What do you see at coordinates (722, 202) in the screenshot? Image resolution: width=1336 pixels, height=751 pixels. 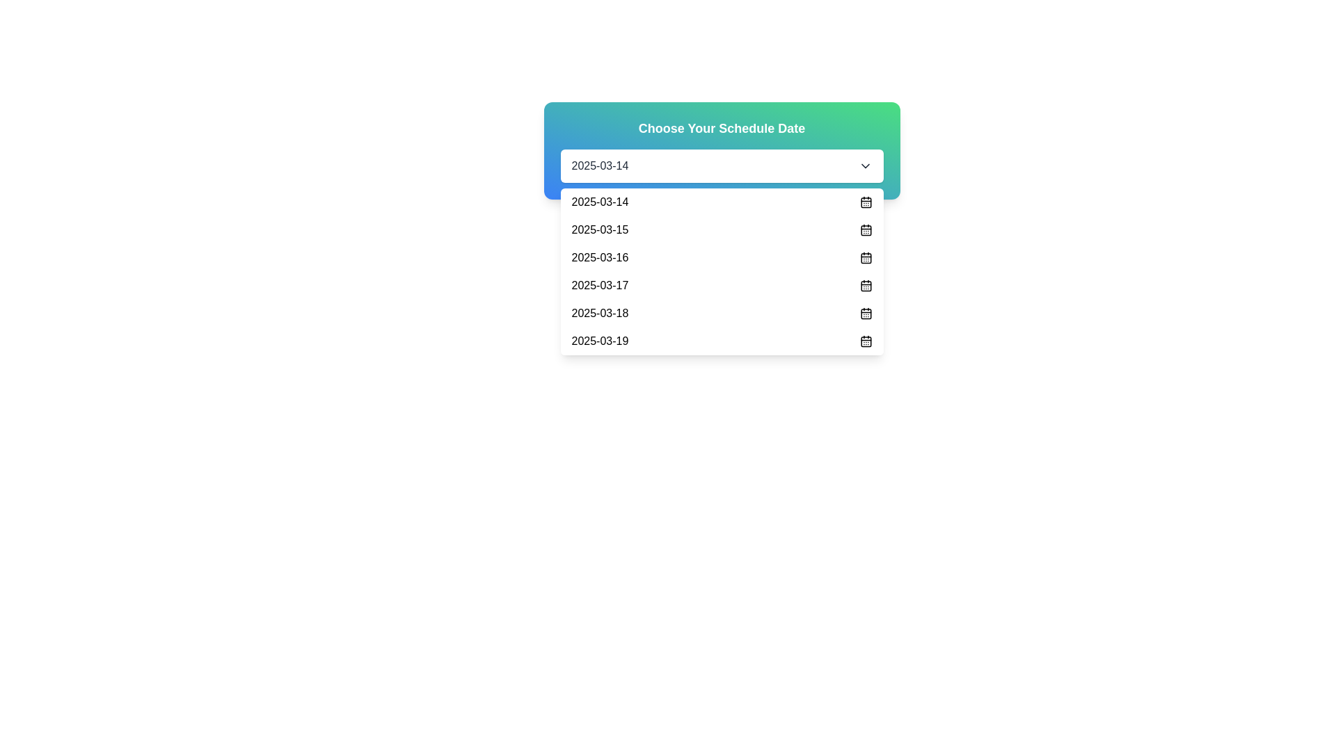 I see `the first selectable option in the date selection dropdown` at bounding box center [722, 202].